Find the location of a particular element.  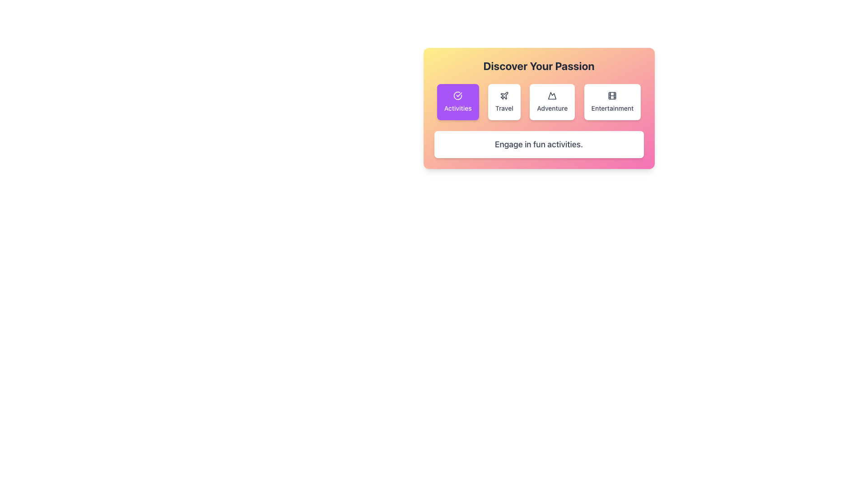

the text box containing the centered text 'Engage in fun activities.' which has a solid white background, rounded corners, and drop shadow is located at coordinates (539, 144).